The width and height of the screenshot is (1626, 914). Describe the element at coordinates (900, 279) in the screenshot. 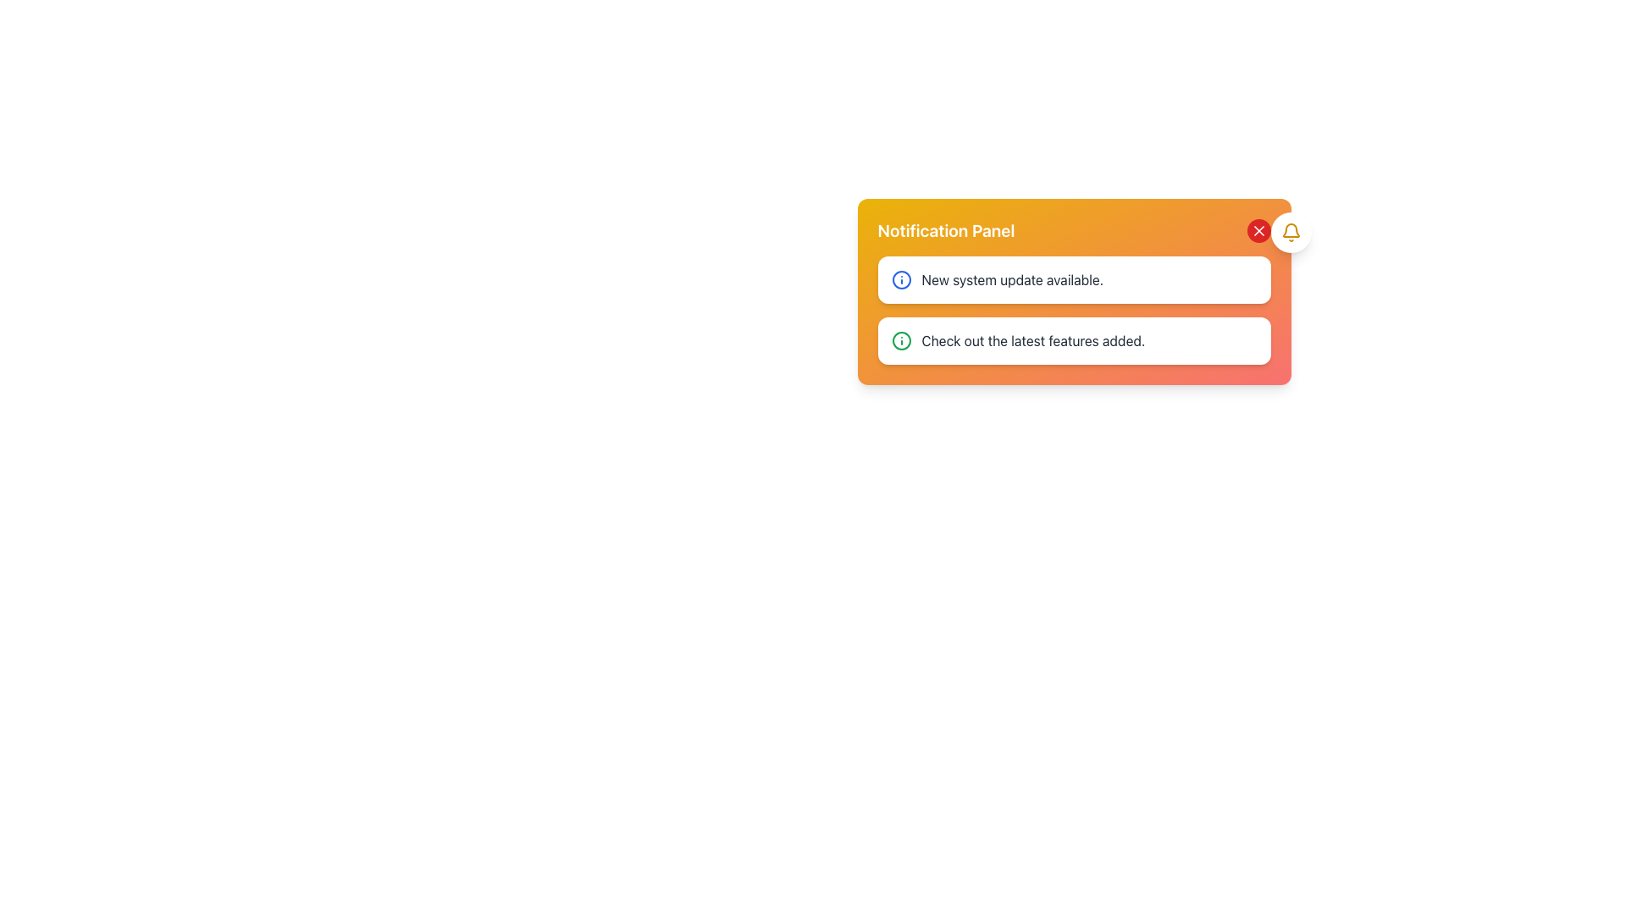

I see `the central circular vector graphic element that is part of an icon adjacent to the notification message panel stating 'Check out the latest features added.'` at that location.